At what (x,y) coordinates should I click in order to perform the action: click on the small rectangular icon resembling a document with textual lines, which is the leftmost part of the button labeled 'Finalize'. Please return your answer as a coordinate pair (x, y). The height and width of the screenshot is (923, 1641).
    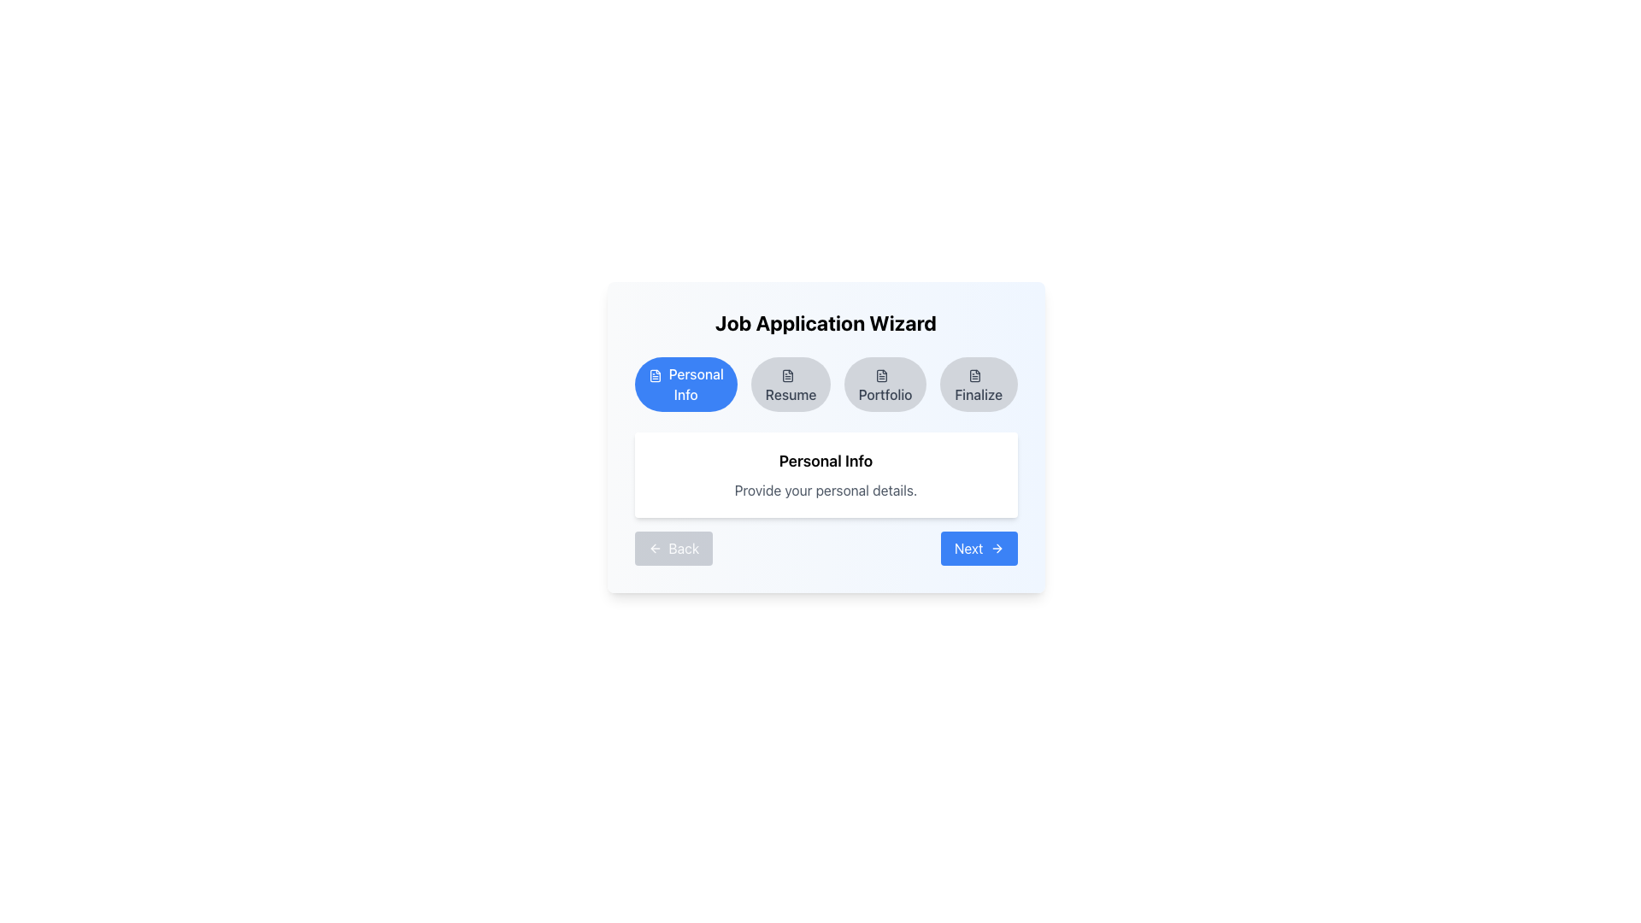
    Looking at the image, I should click on (975, 374).